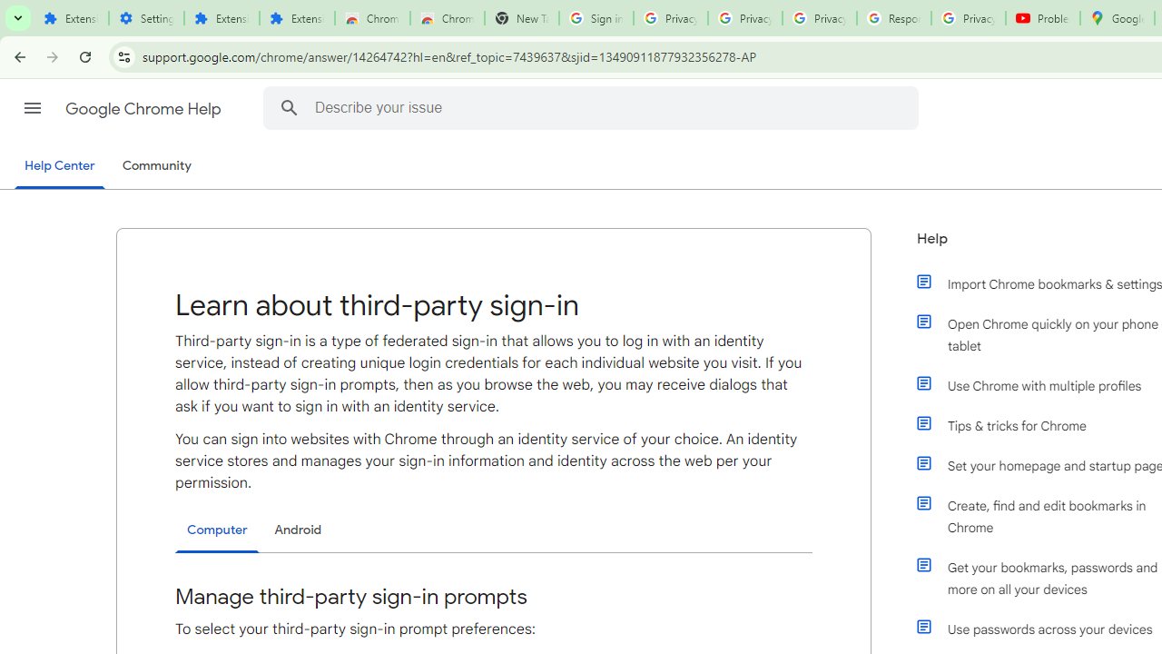 The width and height of the screenshot is (1162, 654). What do you see at coordinates (447, 18) in the screenshot?
I see `'Chrome Web Store - Themes'` at bounding box center [447, 18].